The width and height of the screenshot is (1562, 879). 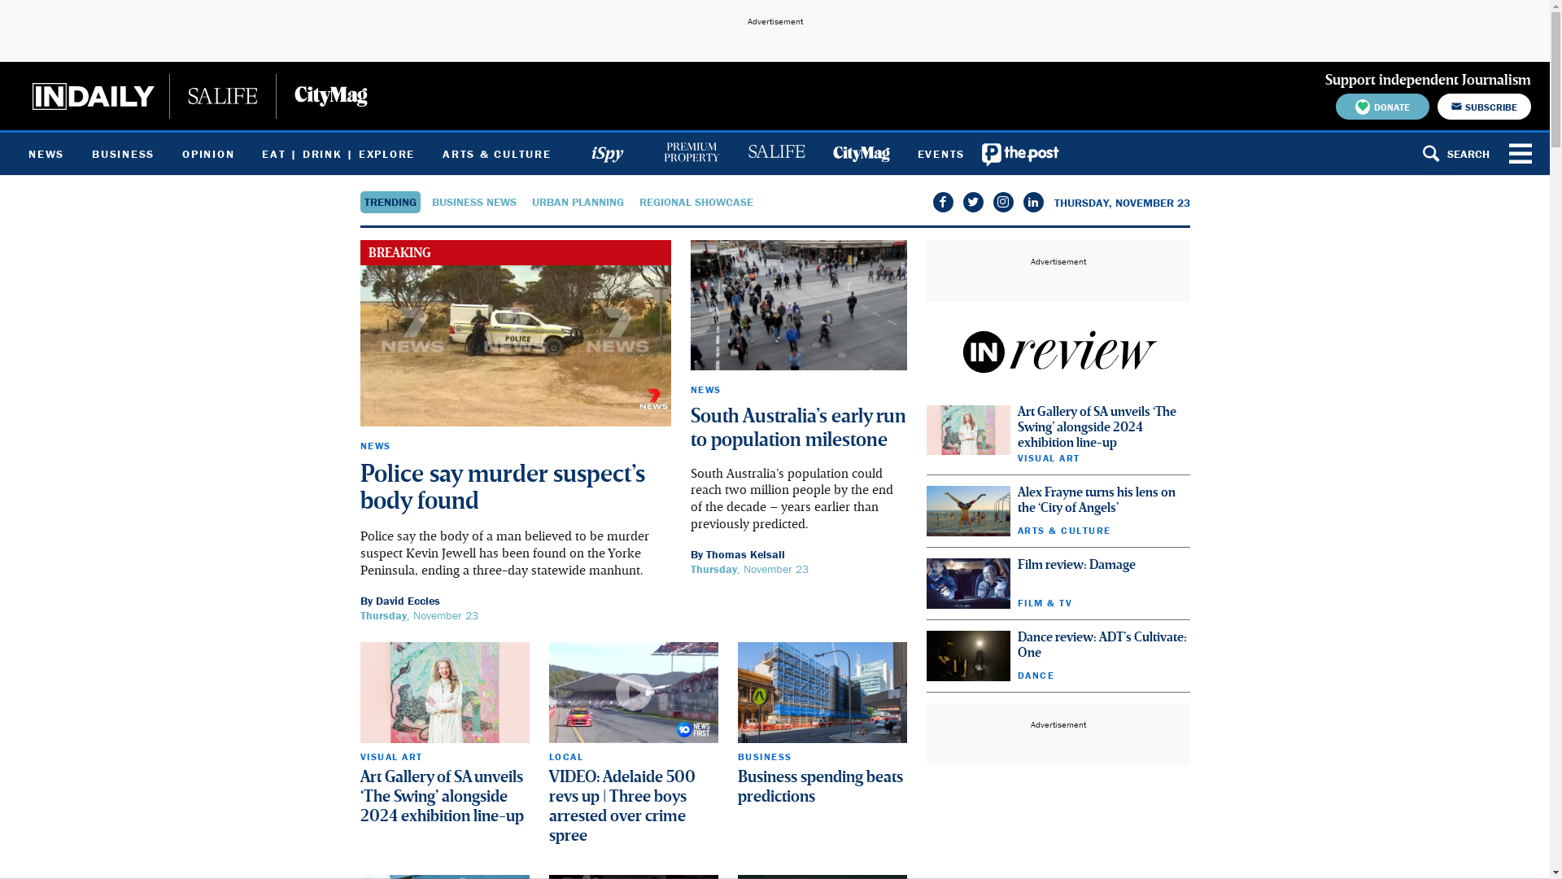 What do you see at coordinates (744, 553) in the screenshot?
I see `'Thomas Kelsall'` at bounding box center [744, 553].